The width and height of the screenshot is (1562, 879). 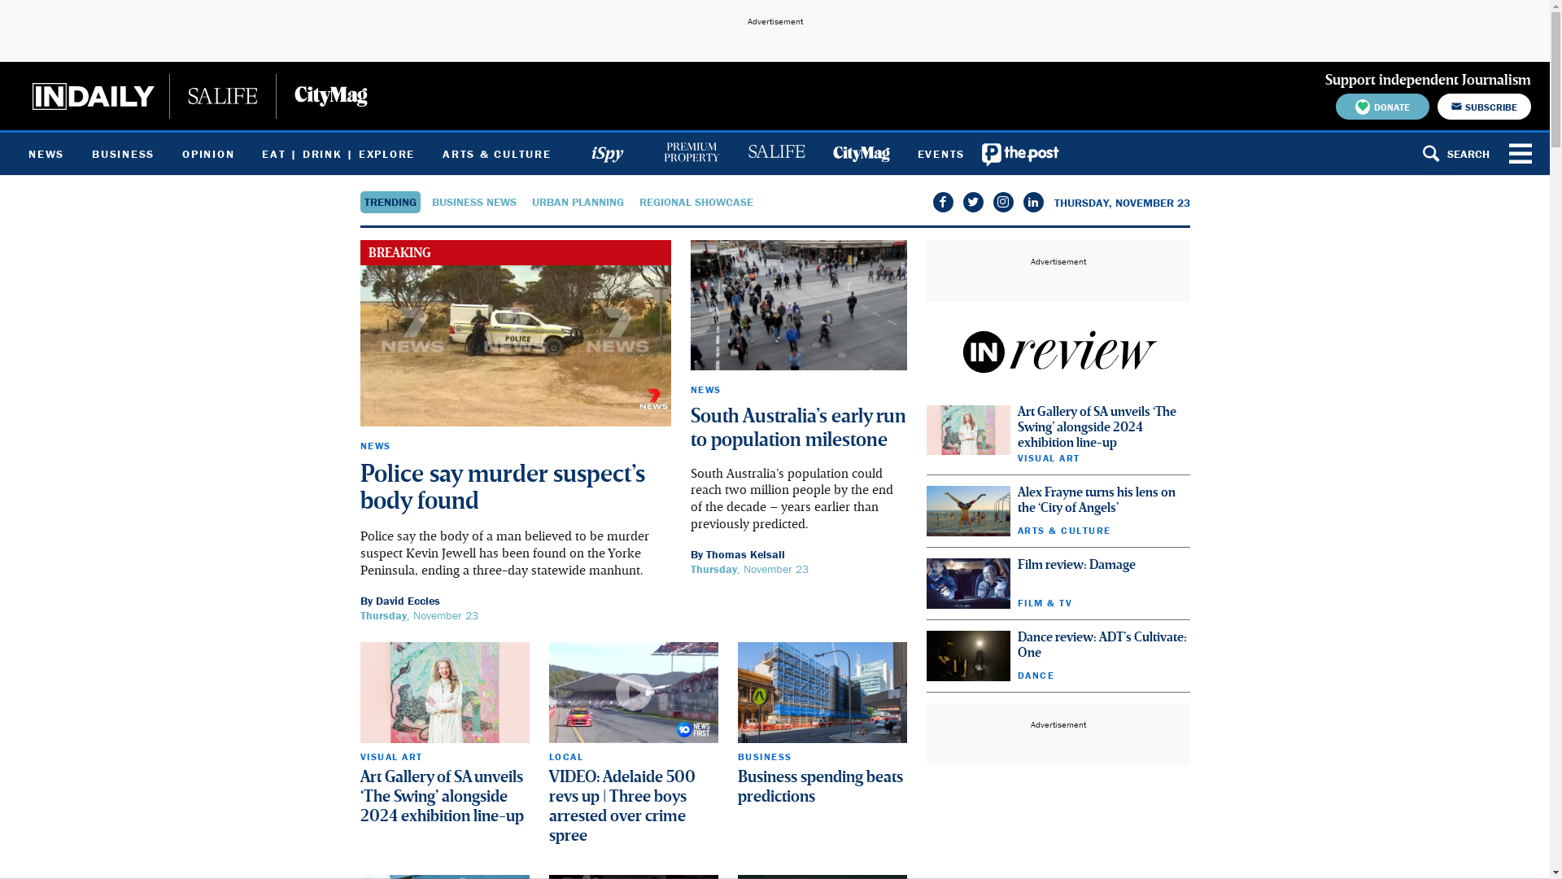 What do you see at coordinates (744, 553) in the screenshot?
I see `'Thomas Kelsall'` at bounding box center [744, 553].